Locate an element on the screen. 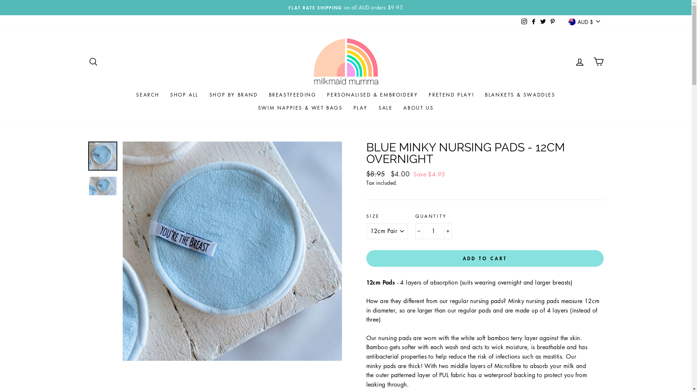  'SALE' is located at coordinates (373, 108).